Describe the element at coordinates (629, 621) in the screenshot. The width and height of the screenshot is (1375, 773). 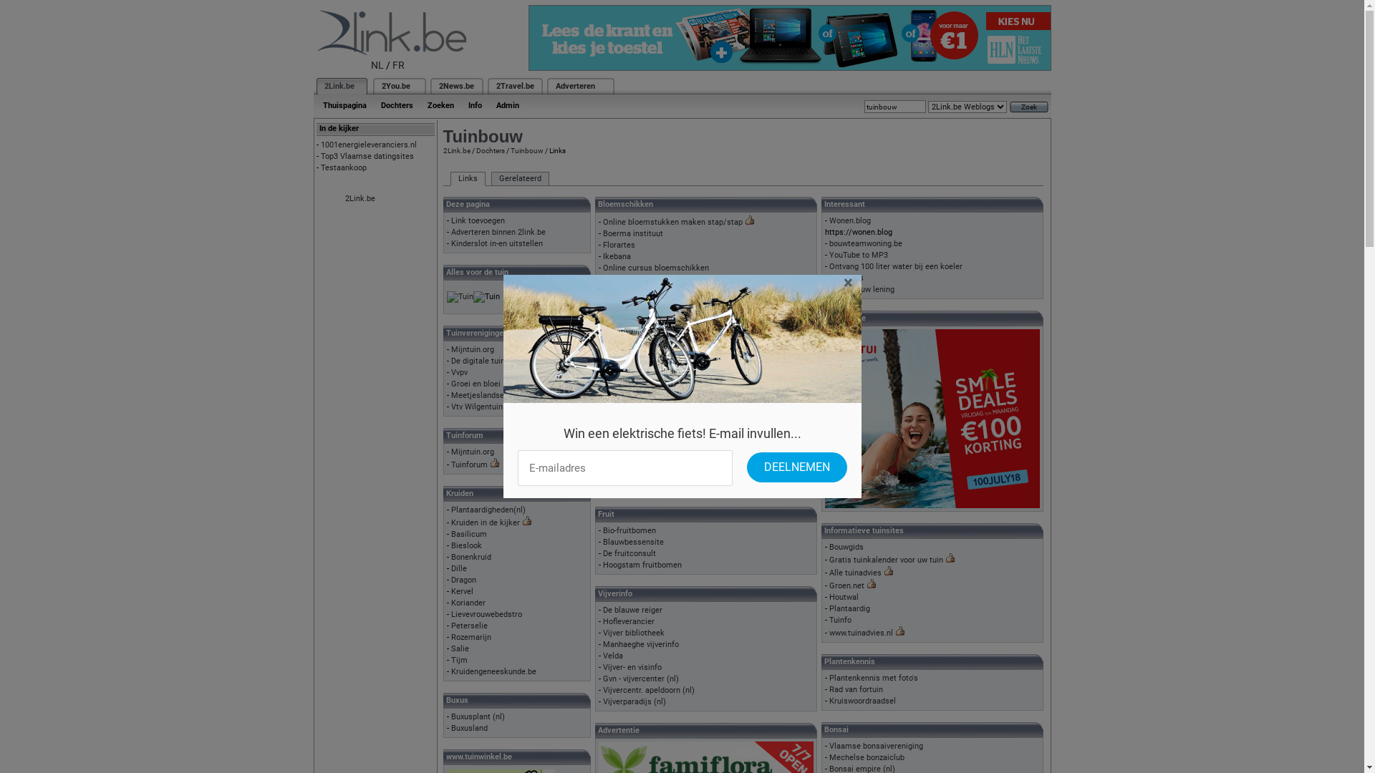
I see `'Hofleverancier'` at that location.